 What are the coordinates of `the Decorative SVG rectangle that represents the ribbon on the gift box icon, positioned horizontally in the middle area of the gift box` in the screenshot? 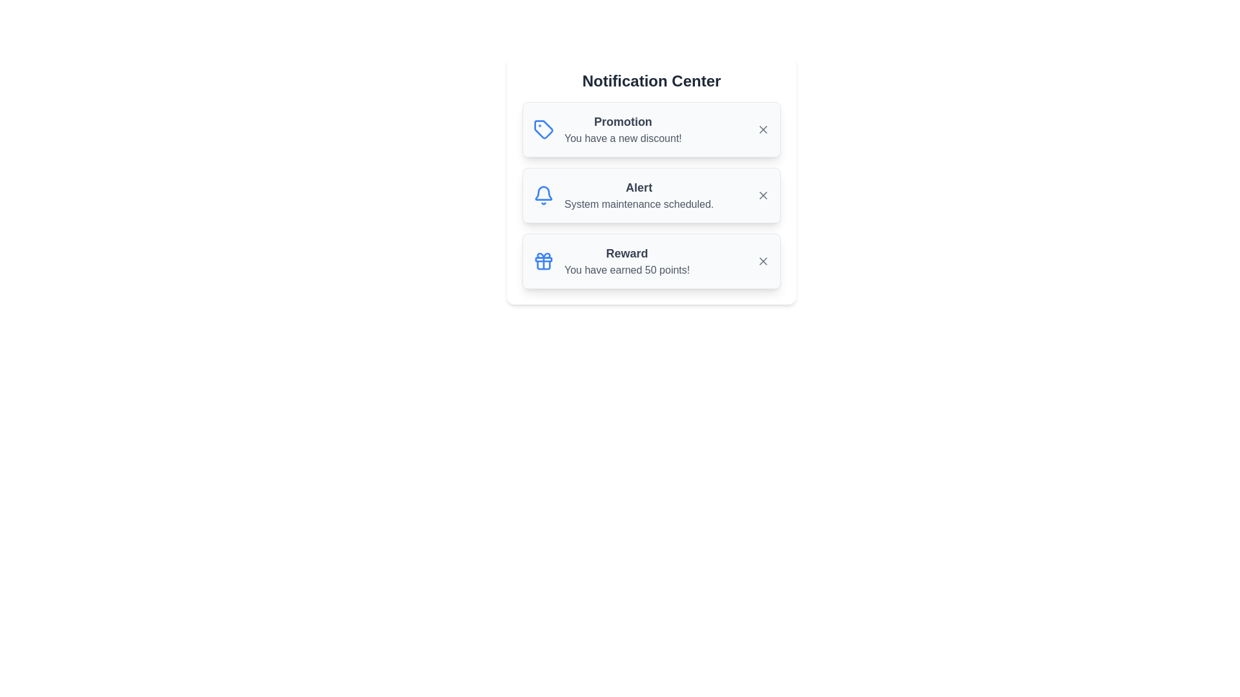 It's located at (543, 259).